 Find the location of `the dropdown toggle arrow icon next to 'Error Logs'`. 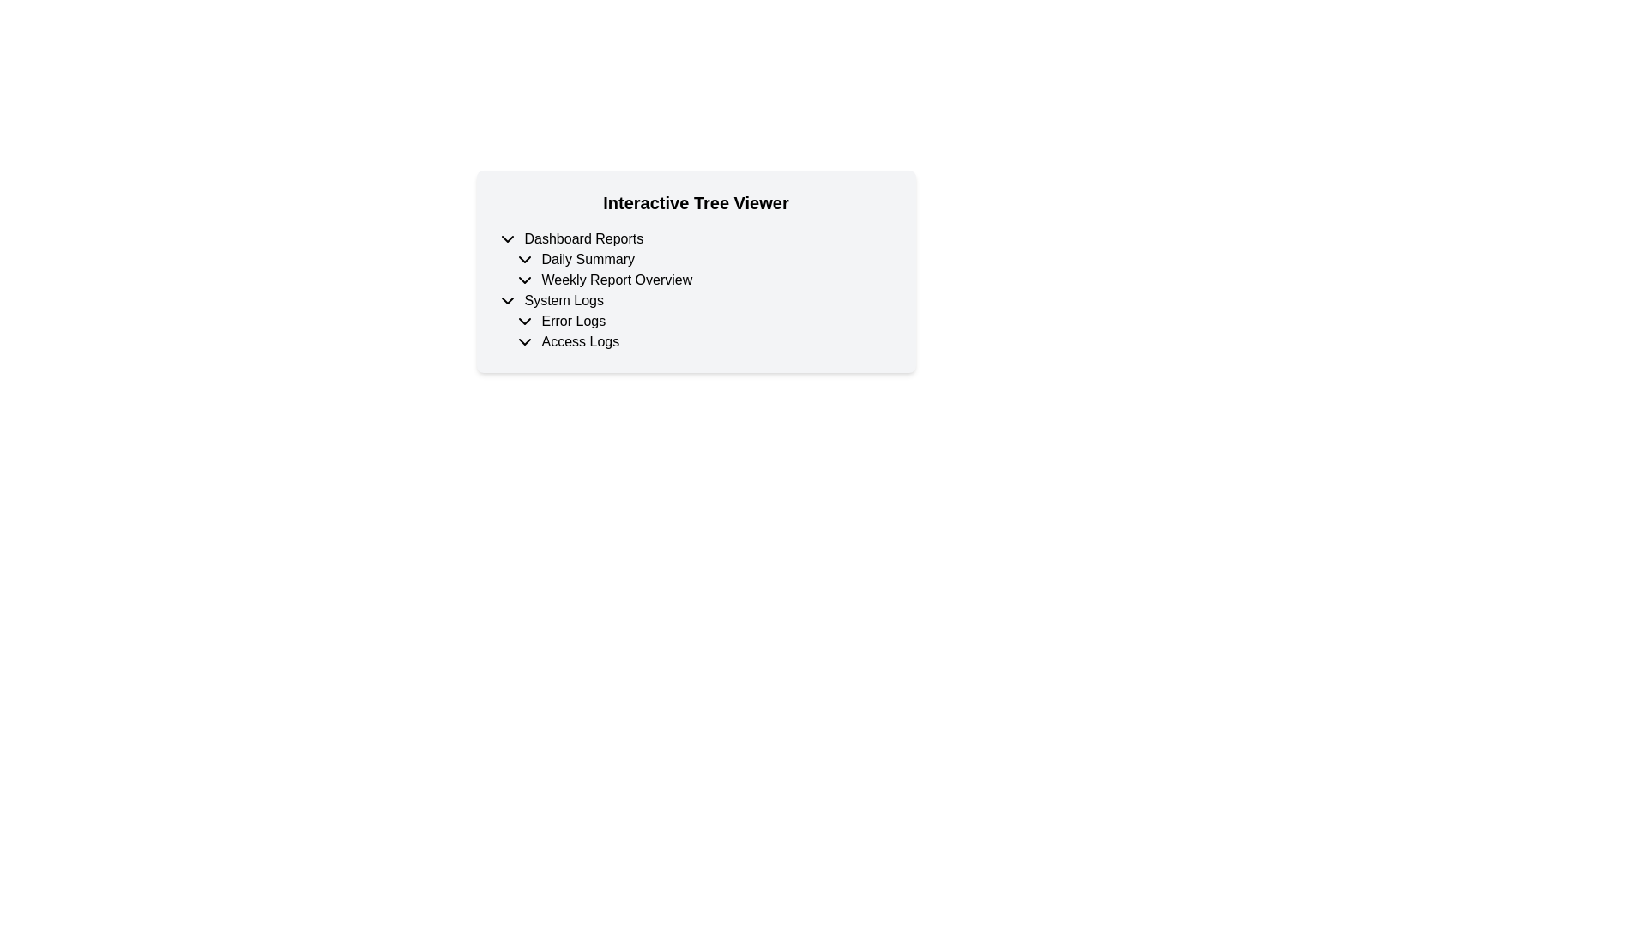

the dropdown toggle arrow icon next to 'Error Logs' is located at coordinates (523, 321).